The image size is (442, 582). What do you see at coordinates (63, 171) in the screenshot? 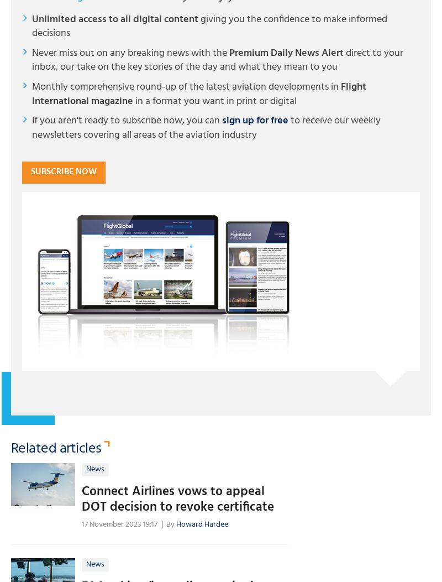
I see `'Subscribe now'` at bounding box center [63, 171].